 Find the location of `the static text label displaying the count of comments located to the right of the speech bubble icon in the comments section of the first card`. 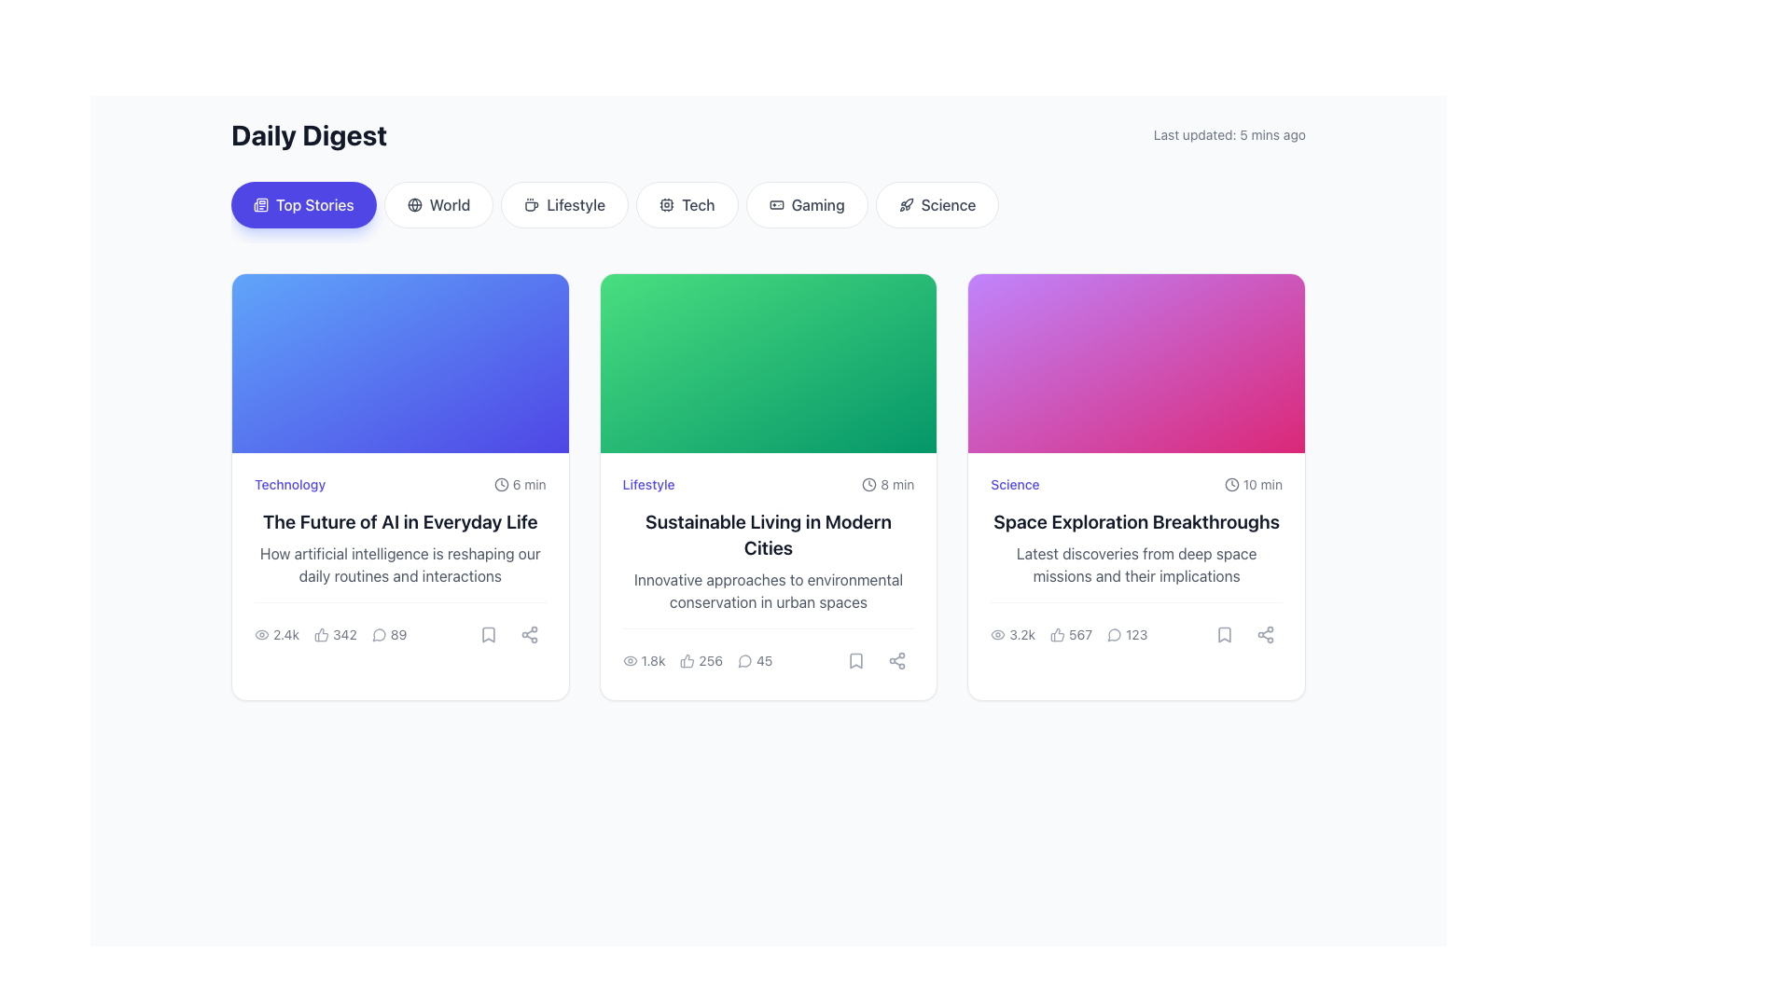

the static text label displaying the count of comments located to the right of the speech bubble icon in the comments section of the first card is located at coordinates (397, 634).